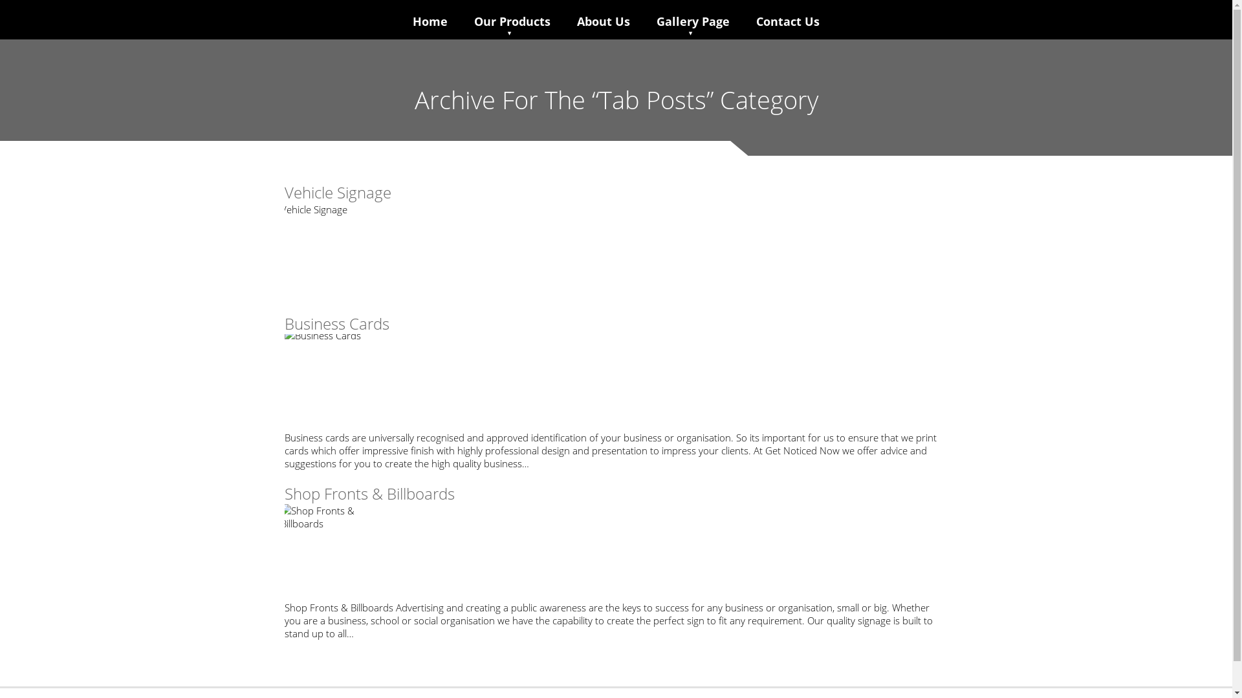 This screenshot has height=698, width=1242. Describe the element at coordinates (471, 21) in the screenshot. I see `'Our Products'` at that location.